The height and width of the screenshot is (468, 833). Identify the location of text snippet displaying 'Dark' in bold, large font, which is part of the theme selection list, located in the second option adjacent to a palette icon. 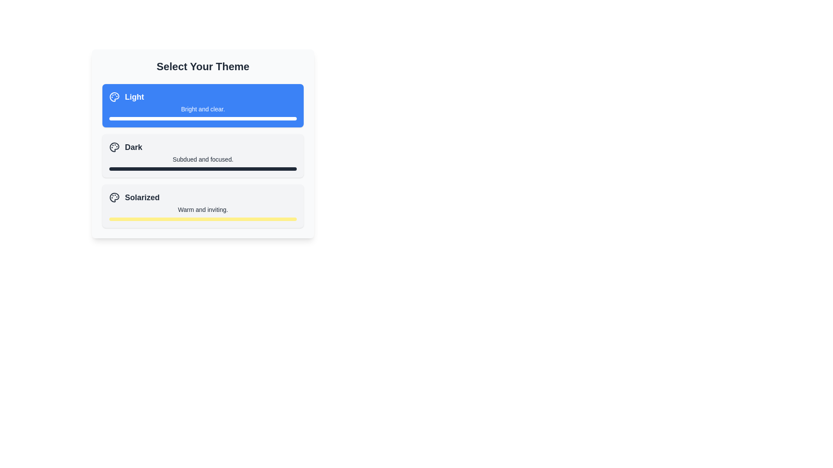
(133, 146).